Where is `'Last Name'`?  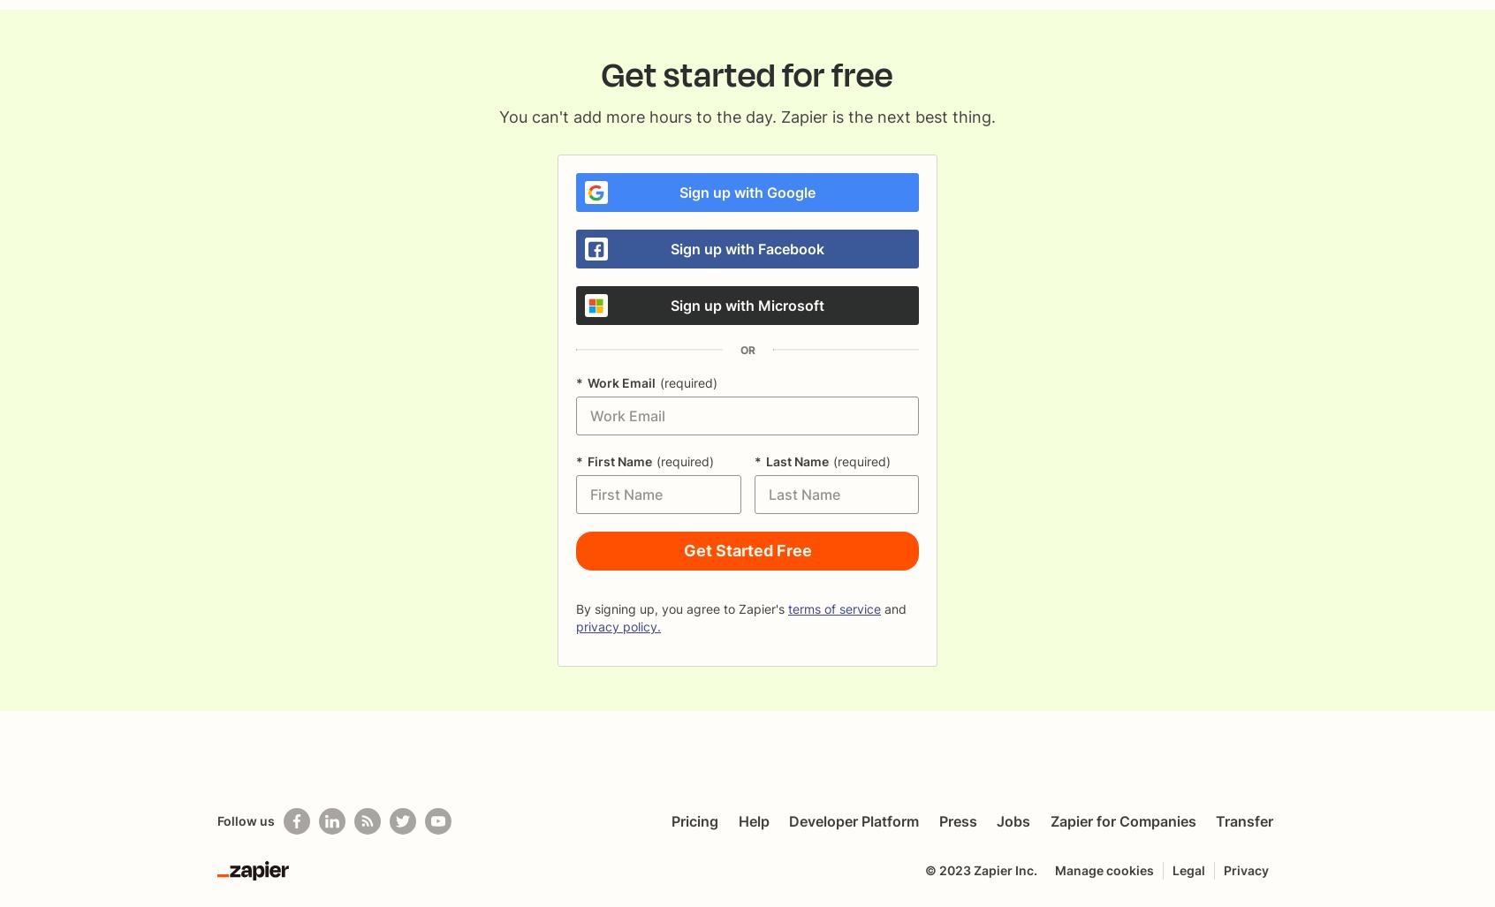 'Last Name' is located at coordinates (795, 460).